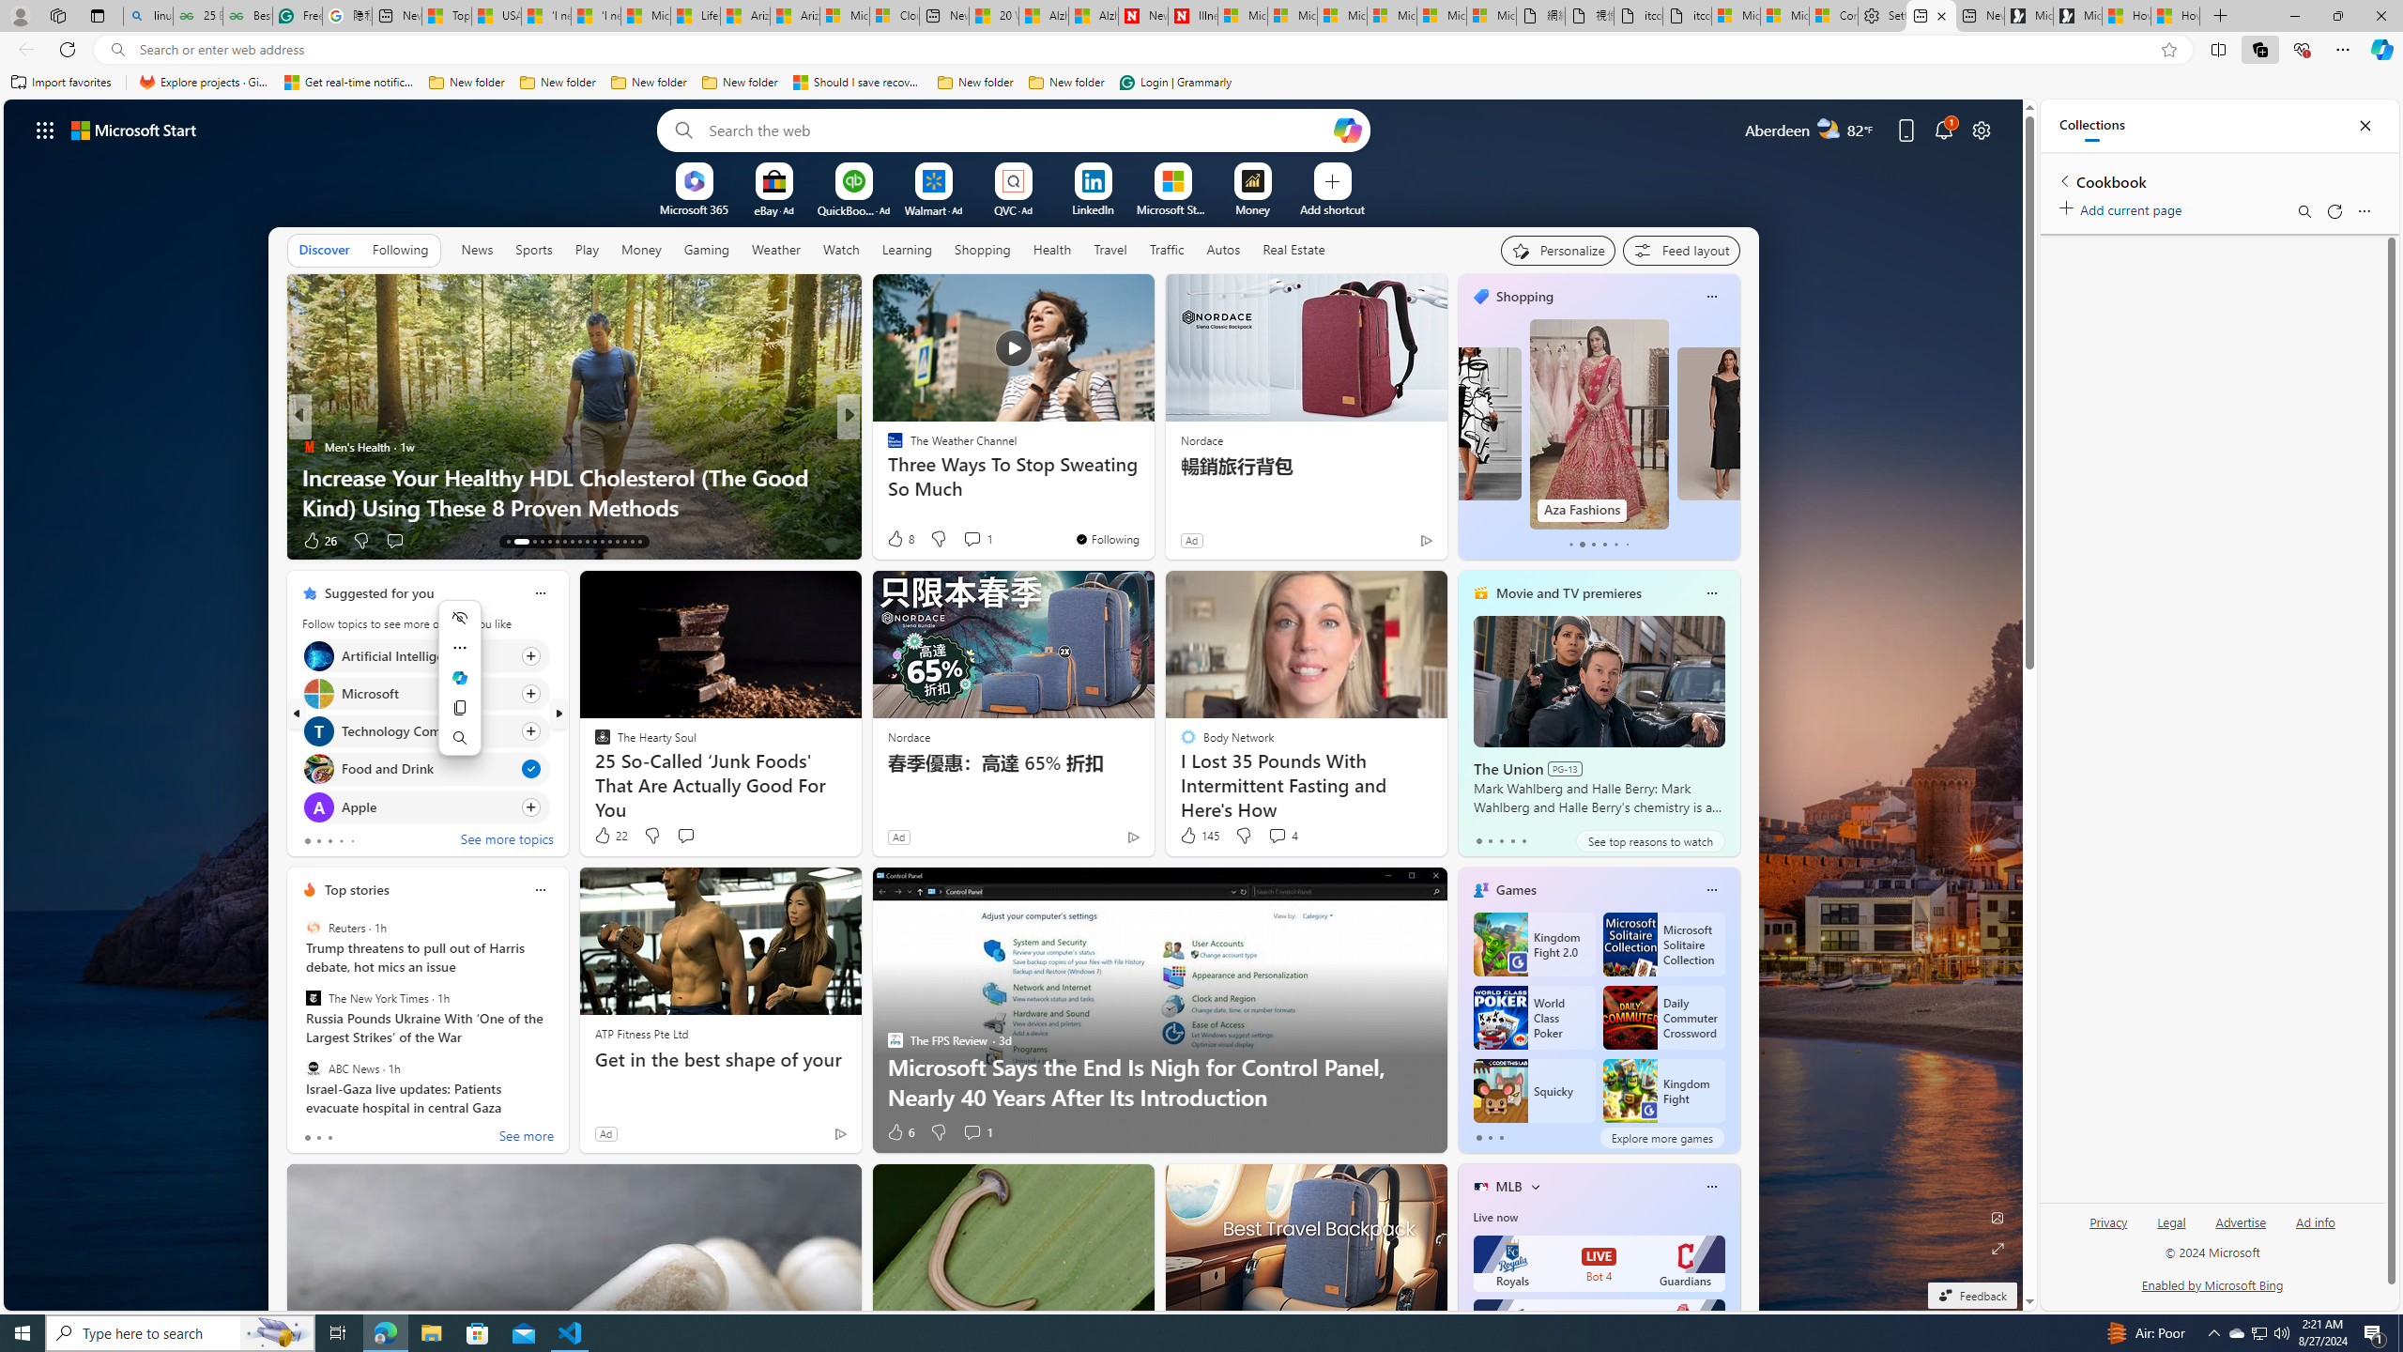  Describe the element at coordinates (1141, 15) in the screenshot. I see `'Newsweek - News, Analysis, Politics, Business, Technology'` at that location.